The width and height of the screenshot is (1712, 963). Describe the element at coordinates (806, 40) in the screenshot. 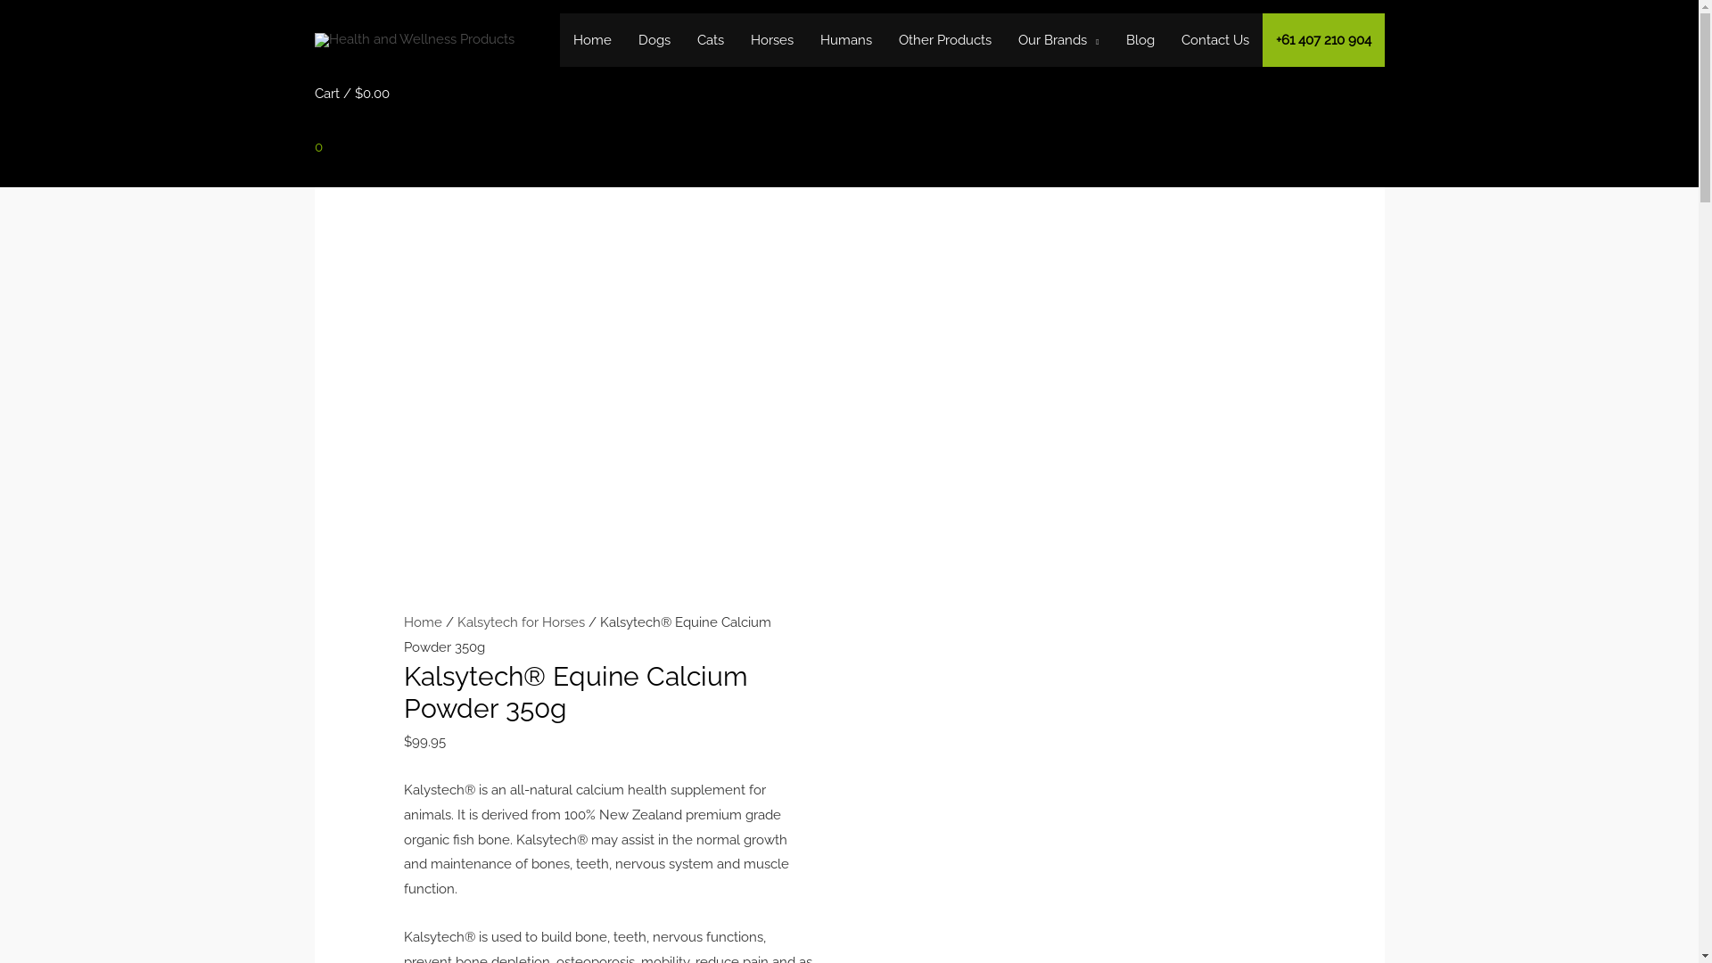

I see `'Humans'` at that location.